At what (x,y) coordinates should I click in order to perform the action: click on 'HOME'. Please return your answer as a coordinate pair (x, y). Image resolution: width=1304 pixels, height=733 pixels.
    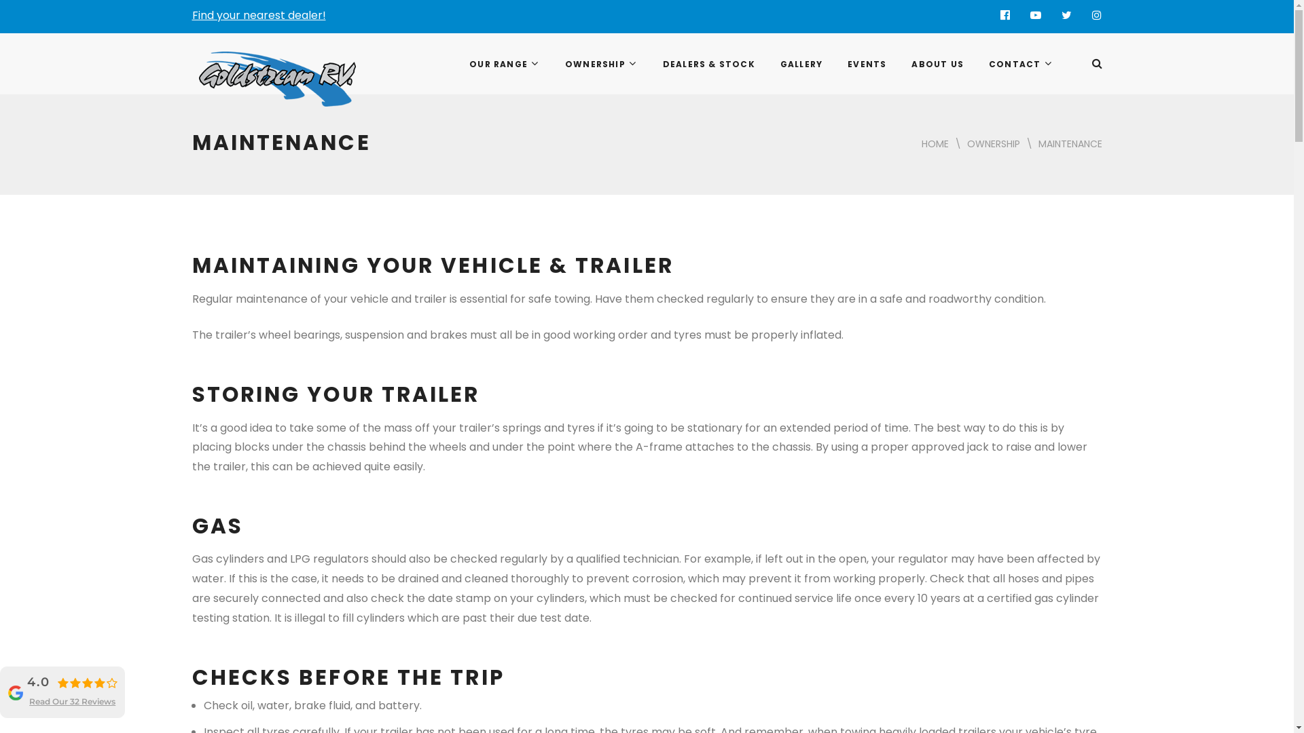
    Looking at the image, I should click on (934, 144).